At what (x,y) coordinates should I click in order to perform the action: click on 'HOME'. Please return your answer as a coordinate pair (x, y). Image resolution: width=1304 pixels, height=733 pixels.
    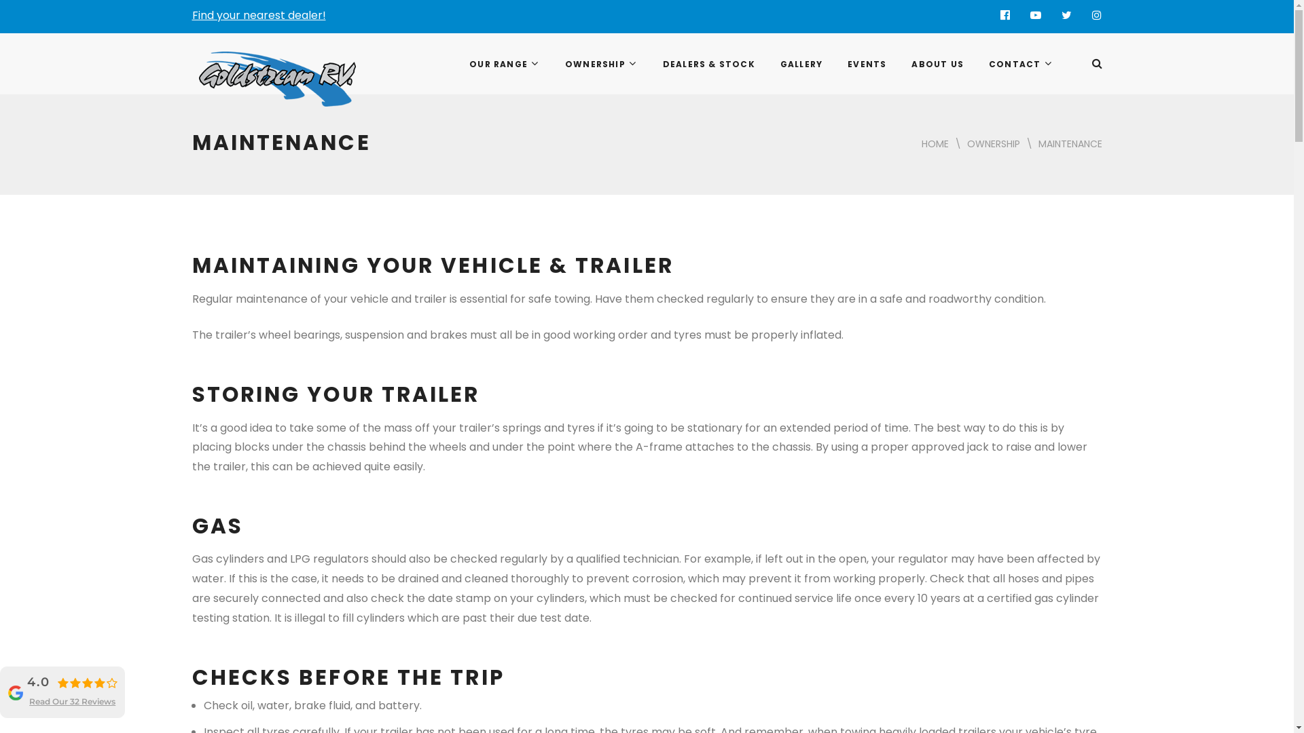
    Looking at the image, I should click on (934, 144).